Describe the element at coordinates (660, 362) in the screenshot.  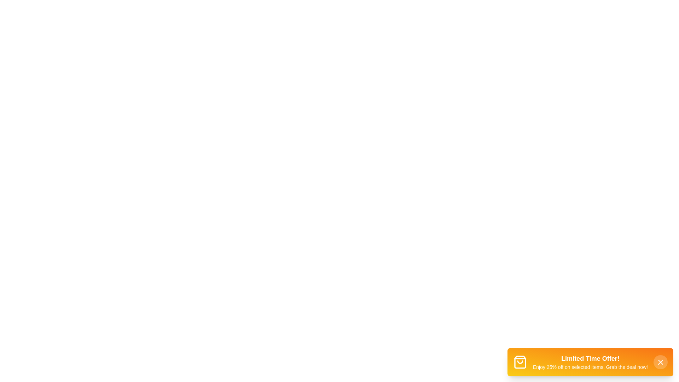
I see `the close button to dismiss the notification` at that location.